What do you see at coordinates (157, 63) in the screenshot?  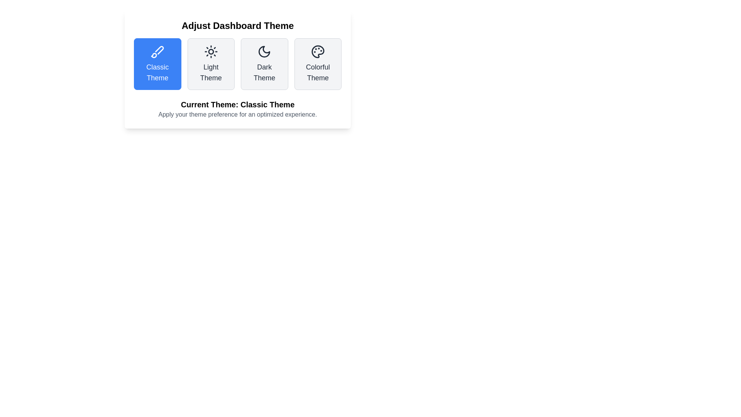 I see `the 'Classic Theme' button located at the top-left of the theme options row` at bounding box center [157, 63].